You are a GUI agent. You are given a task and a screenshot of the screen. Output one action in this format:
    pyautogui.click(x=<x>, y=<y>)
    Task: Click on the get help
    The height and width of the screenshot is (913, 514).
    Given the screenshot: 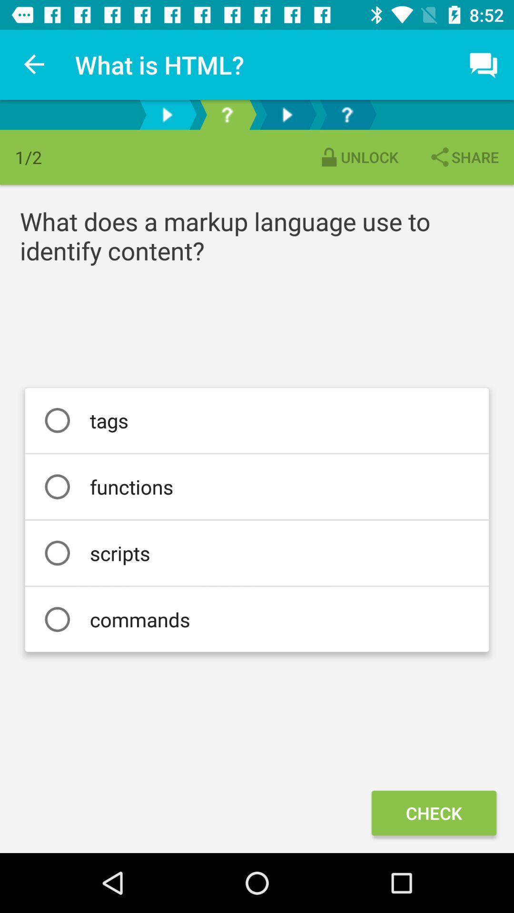 What is the action you would take?
    pyautogui.click(x=347, y=114)
    